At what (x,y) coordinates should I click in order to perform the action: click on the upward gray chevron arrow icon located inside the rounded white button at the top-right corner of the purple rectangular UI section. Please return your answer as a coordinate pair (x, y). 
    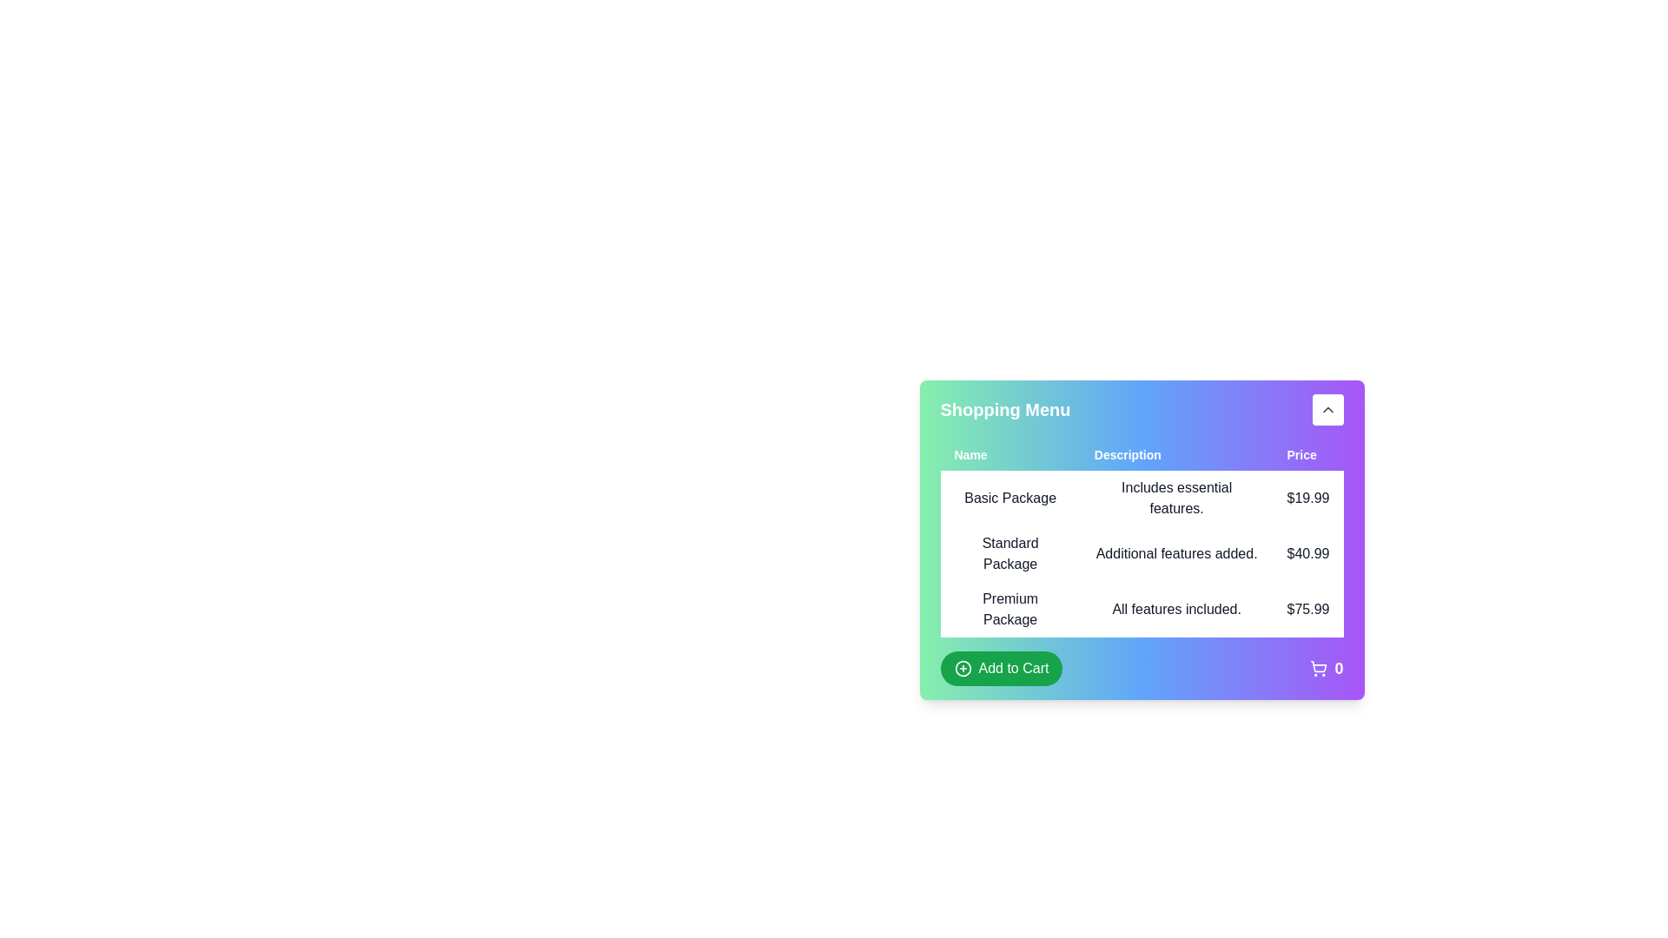
    Looking at the image, I should click on (1327, 409).